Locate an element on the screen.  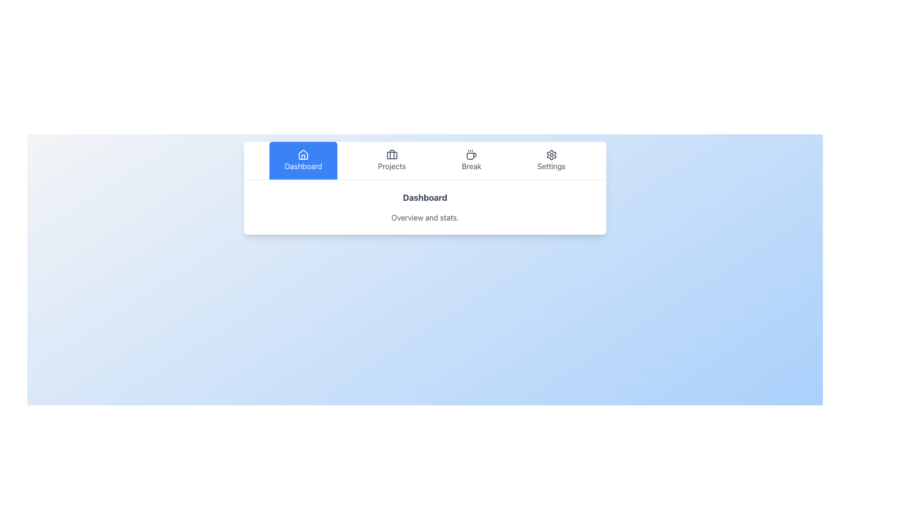
the 'Projects' text label element, which is the second item in the horizontal navigation bar and positioned below a briefcase icon is located at coordinates (392, 166).